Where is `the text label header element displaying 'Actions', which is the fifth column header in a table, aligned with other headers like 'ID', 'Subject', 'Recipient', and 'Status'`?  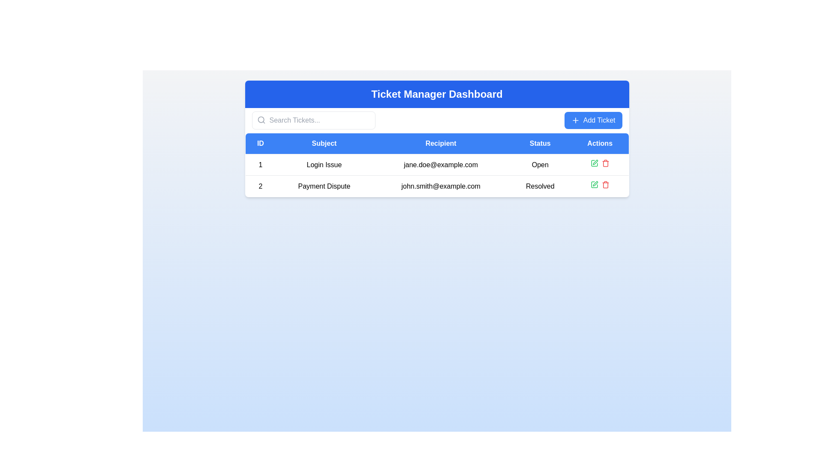 the text label header element displaying 'Actions', which is the fifth column header in a table, aligned with other headers like 'ID', 'Subject', 'Recipient', and 'Status' is located at coordinates (599, 143).